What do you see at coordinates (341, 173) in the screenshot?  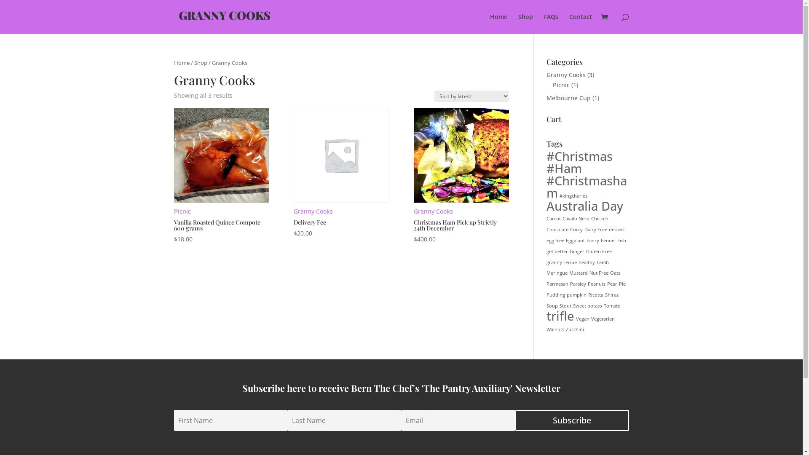 I see `'Granny Cooks` at bounding box center [341, 173].